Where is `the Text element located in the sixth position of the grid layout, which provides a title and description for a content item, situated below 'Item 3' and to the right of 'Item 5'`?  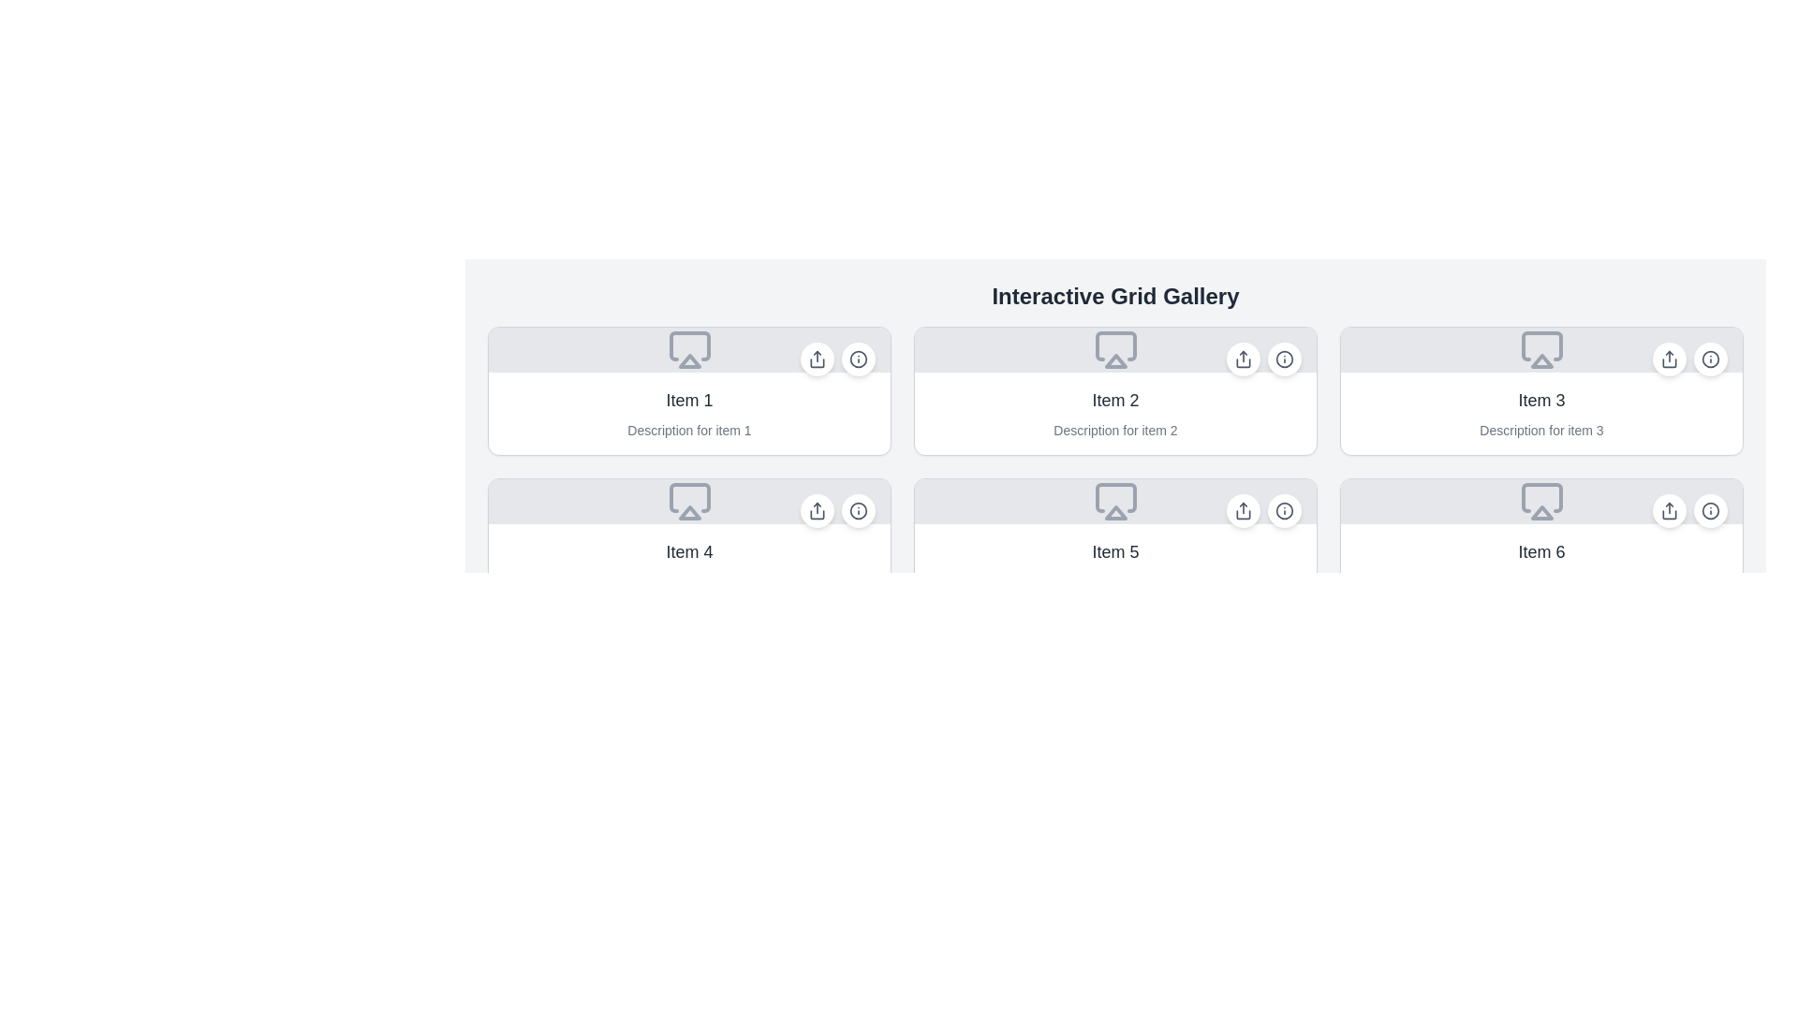
the Text element located in the sixth position of the grid layout, which provides a title and description for a content item, situated below 'Item 3' and to the right of 'Item 5' is located at coordinates (1541, 564).